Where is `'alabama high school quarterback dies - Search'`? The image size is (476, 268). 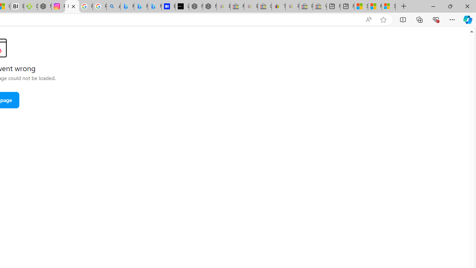
'alabama high school quarterback dies - Search' is located at coordinates (113, 6).